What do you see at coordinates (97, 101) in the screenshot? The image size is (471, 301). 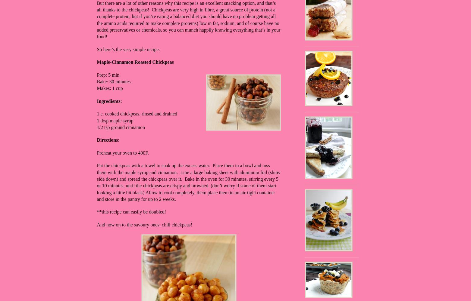 I see `'Ingredients:'` at bounding box center [97, 101].